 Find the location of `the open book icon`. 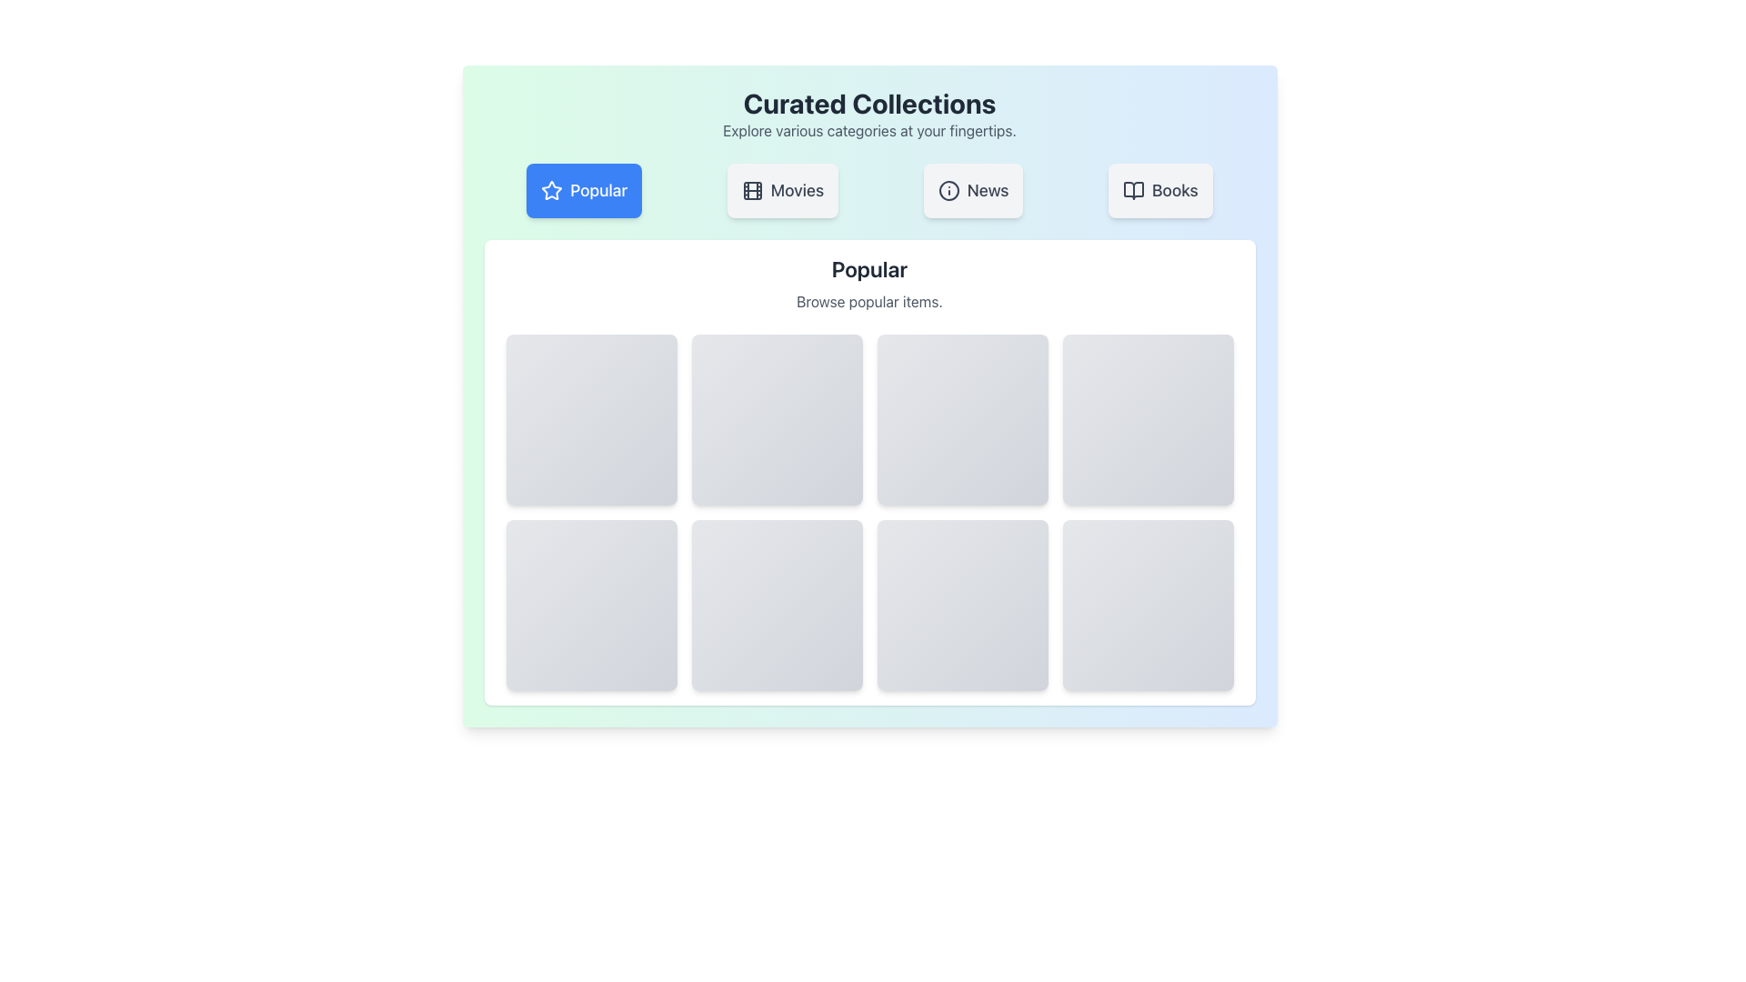

the open book icon is located at coordinates (1133, 190).